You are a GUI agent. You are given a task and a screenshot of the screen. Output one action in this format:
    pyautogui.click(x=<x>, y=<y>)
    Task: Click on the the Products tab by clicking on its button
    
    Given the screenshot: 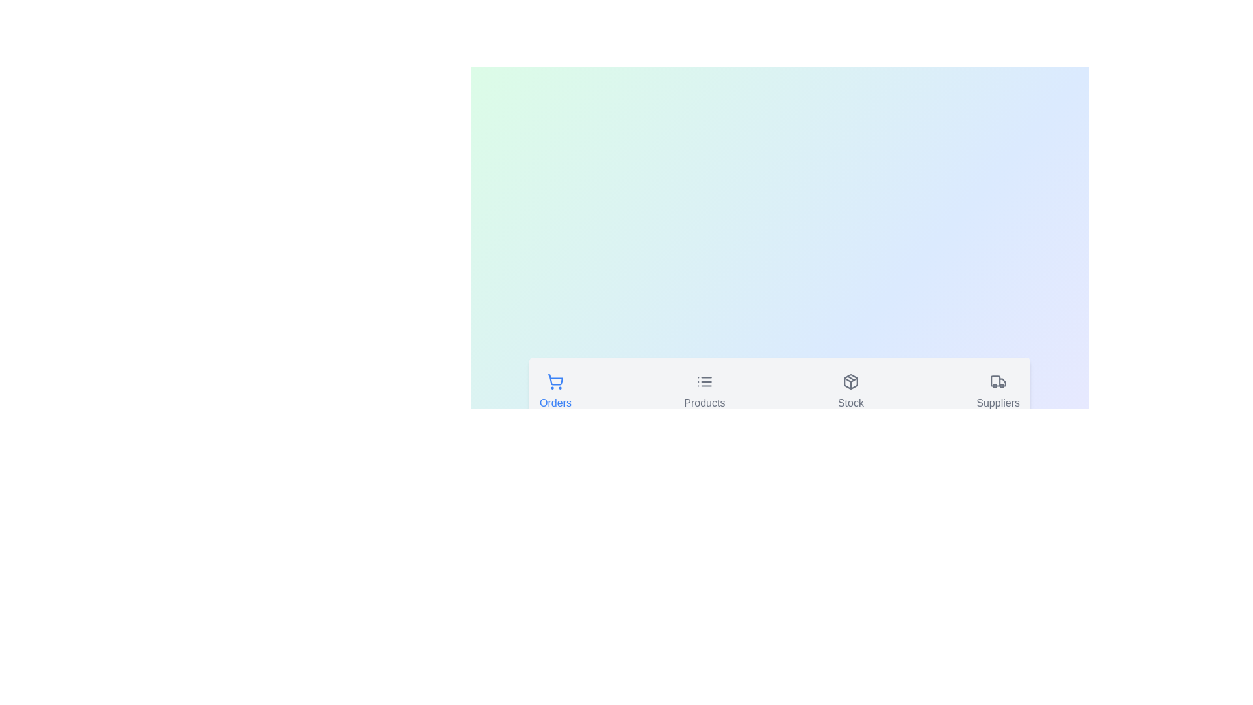 What is the action you would take?
    pyautogui.click(x=704, y=392)
    